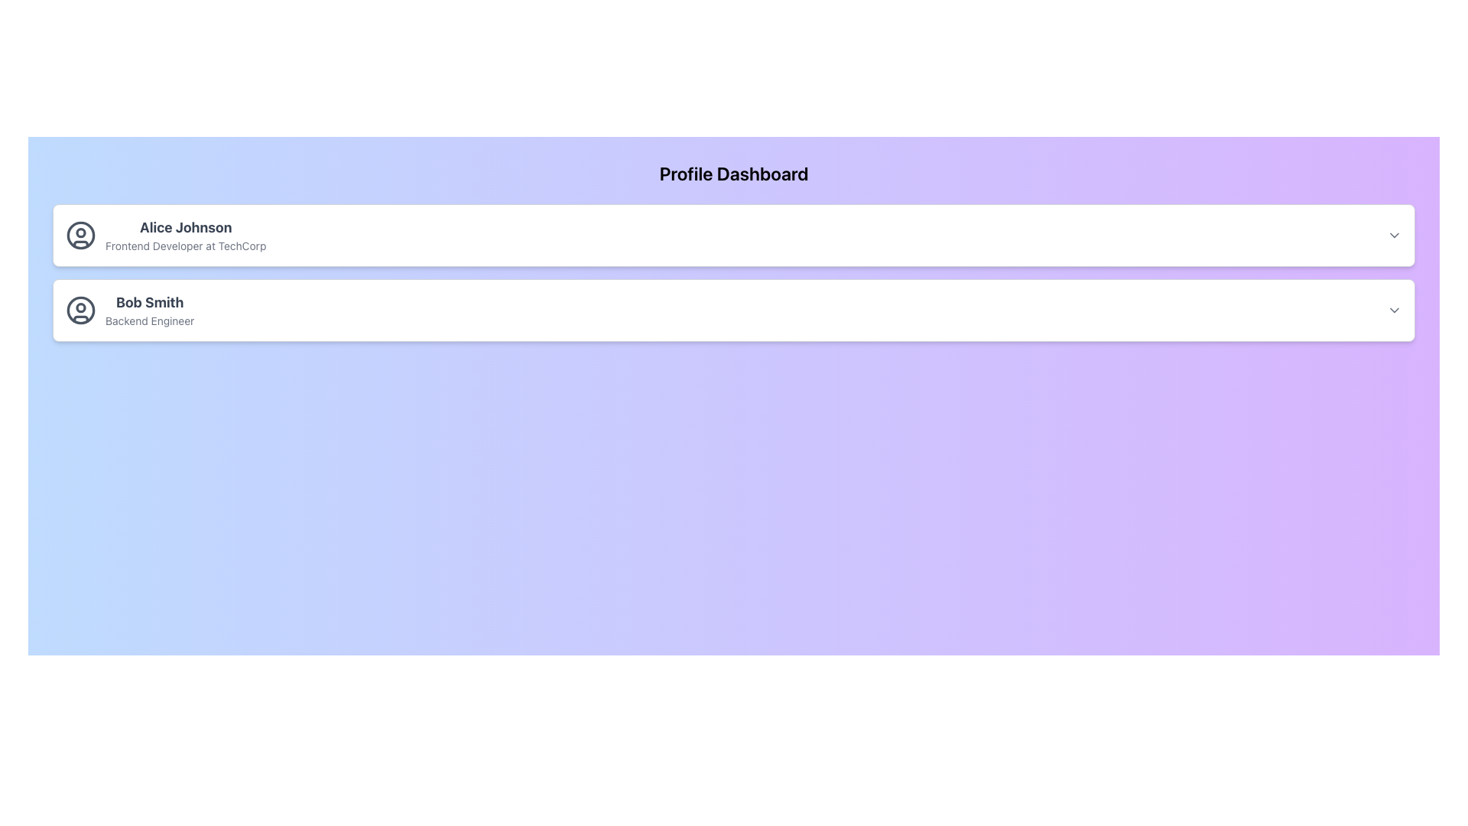  Describe the element at coordinates (150, 303) in the screenshot. I see `the text 'Bob Smith' which is styled in bold and larger size, located at the top section of the second profile card, above 'Backend Engineer'` at that location.